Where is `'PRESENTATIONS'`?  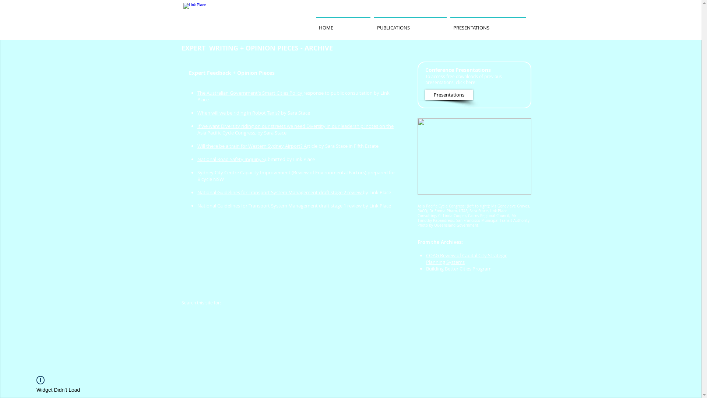
'PRESENTATIONS' is located at coordinates (488, 24).